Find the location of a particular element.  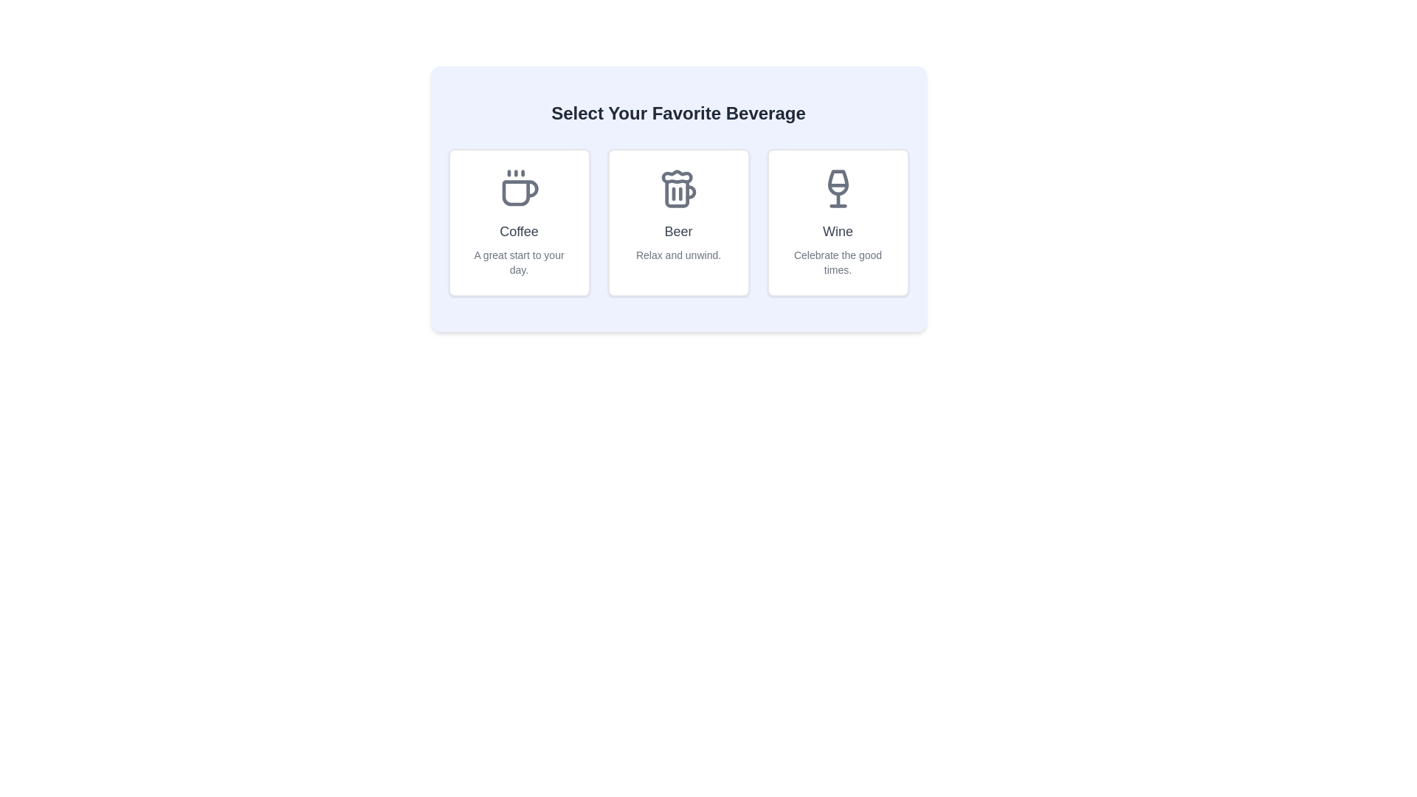

the graphical detail within the SVG icon that resembles the beer mug's handle, located in the middle of a row of beverage options is located at coordinates (689, 191).